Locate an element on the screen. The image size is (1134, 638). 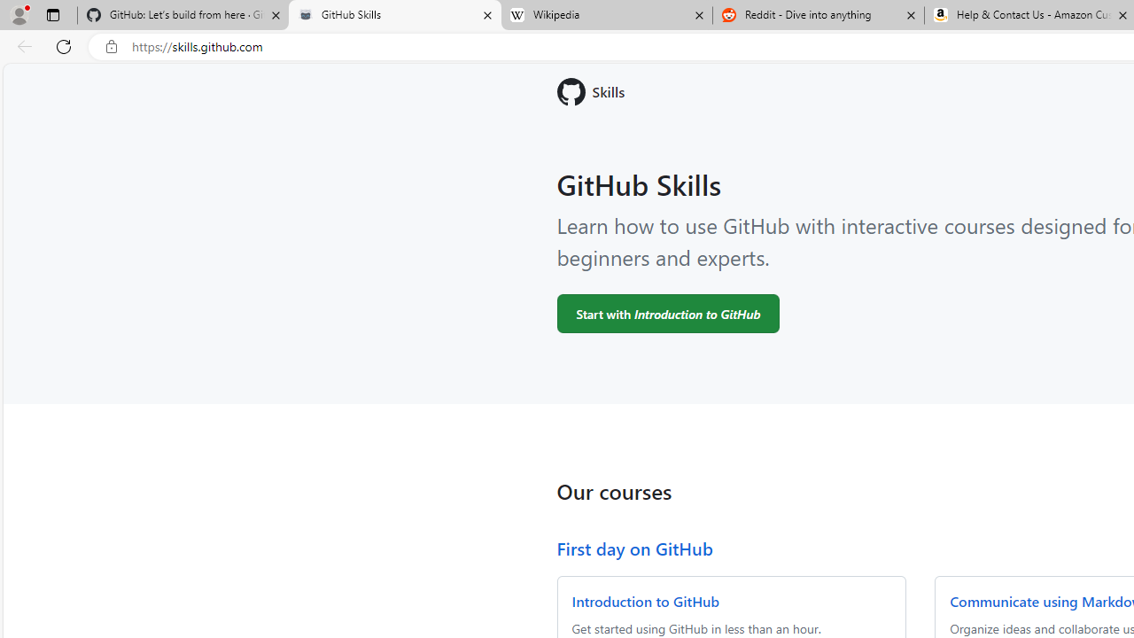
'First day on GitHub' is located at coordinates (634, 547).